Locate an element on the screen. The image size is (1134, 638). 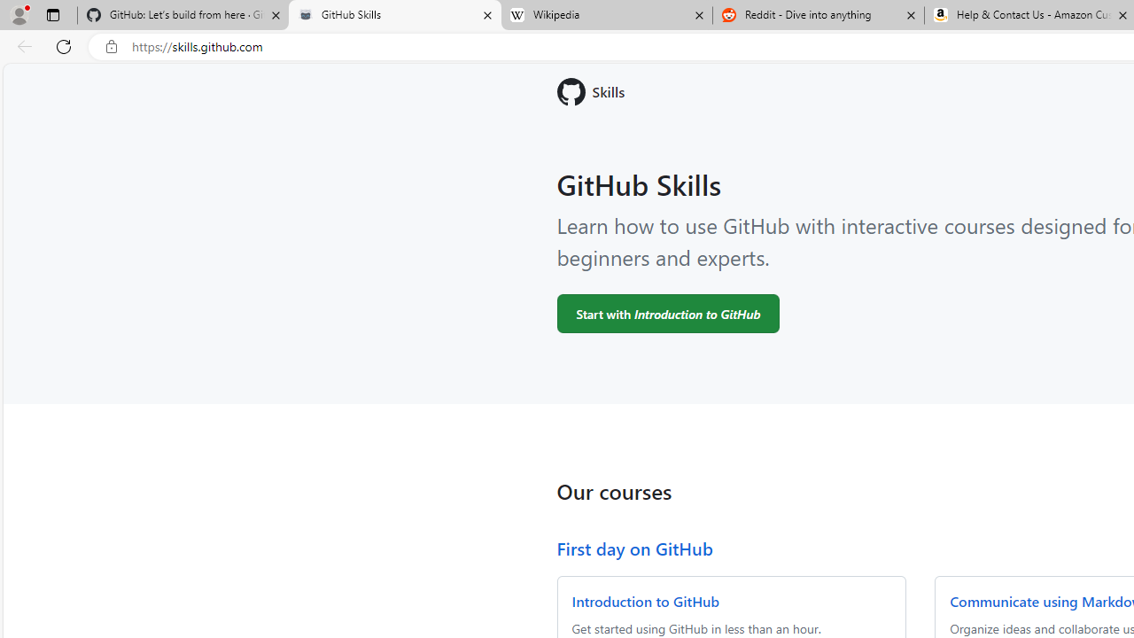
'First day on GitHub' is located at coordinates (634, 547).